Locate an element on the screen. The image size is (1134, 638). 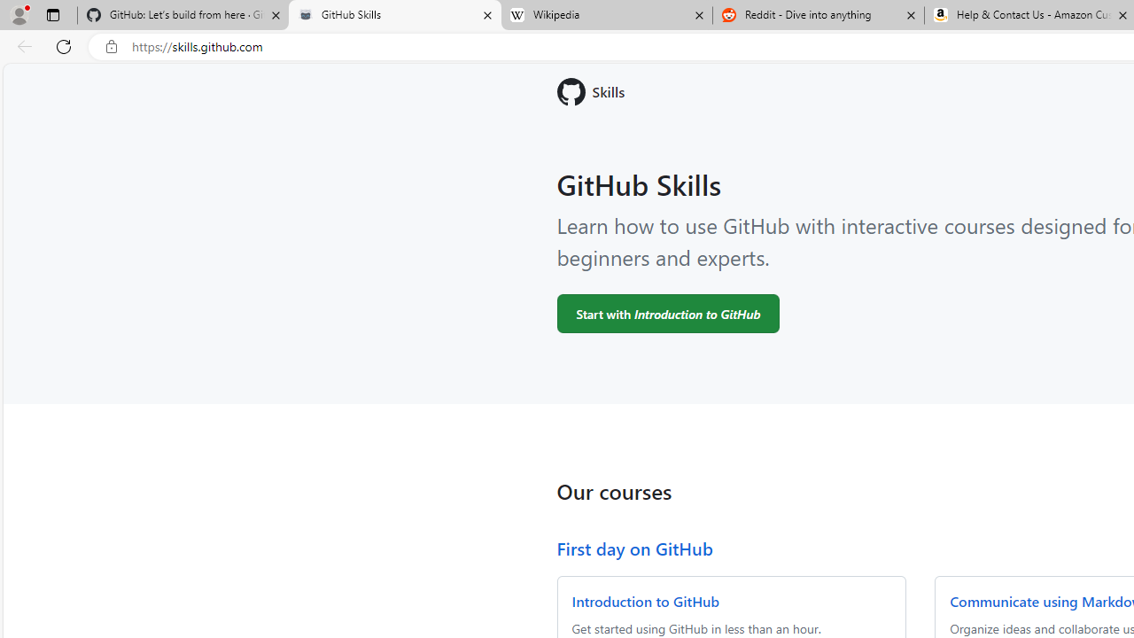
'First day on GitHub' is located at coordinates (634, 547).